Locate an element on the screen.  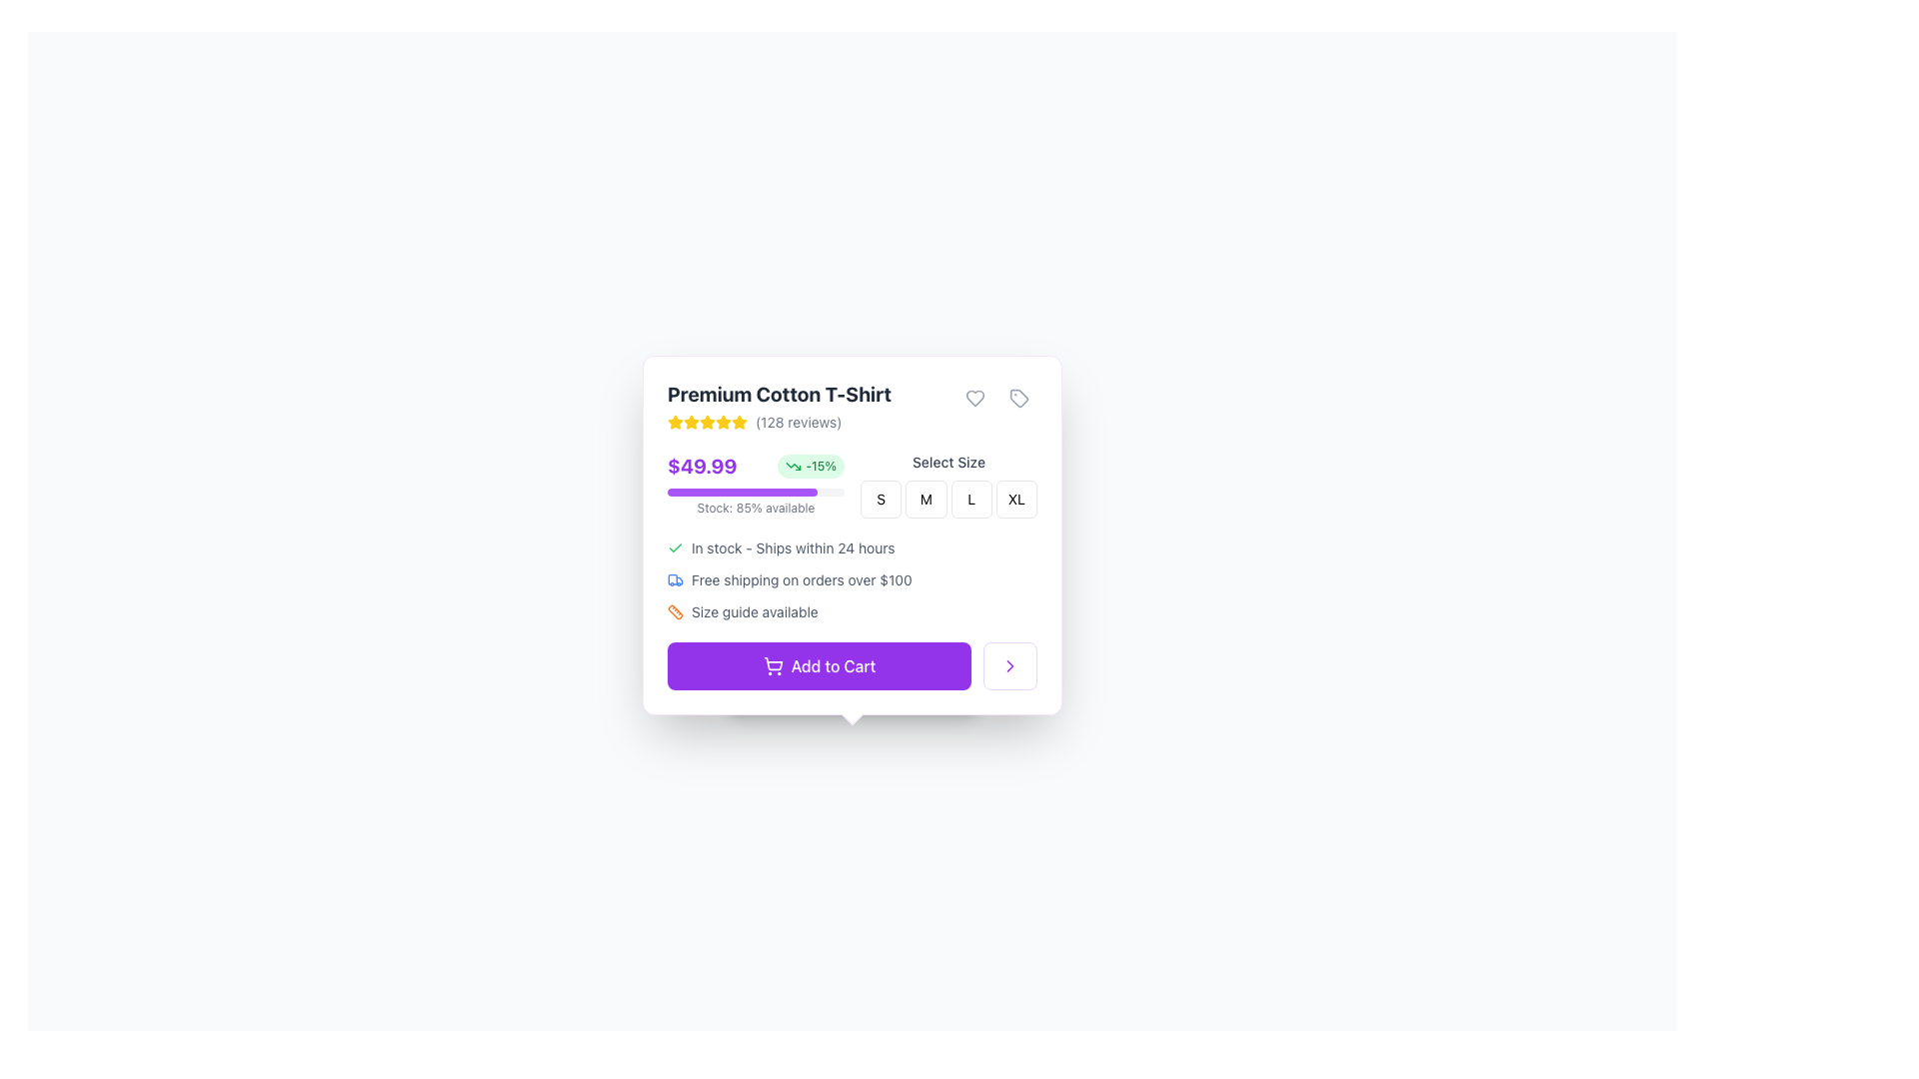
the static text label indicating the number of reviews associated with the product, which is positioned to the immediate right of the star icons in the product detail section is located at coordinates (798, 422).